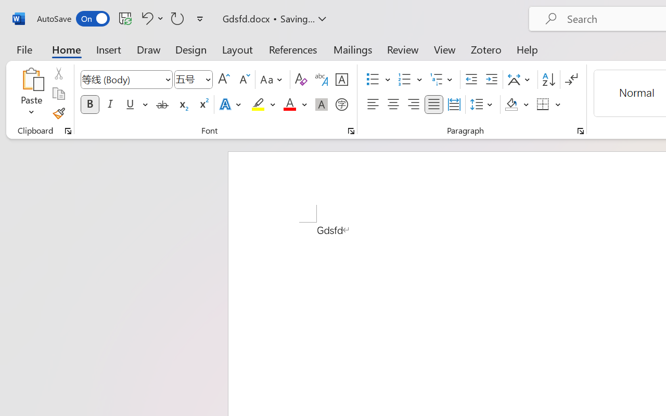 The width and height of the screenshot is (666, 416). Describe the element at coordinates (223, 80) in the screenshot. I see `'Grow Font'` at that location.